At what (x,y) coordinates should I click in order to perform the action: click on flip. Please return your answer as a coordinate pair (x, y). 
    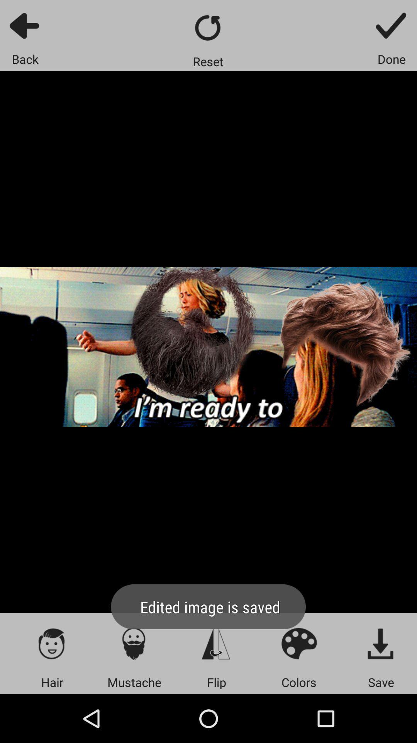
    Looking at the image, I should click on (216, 643).